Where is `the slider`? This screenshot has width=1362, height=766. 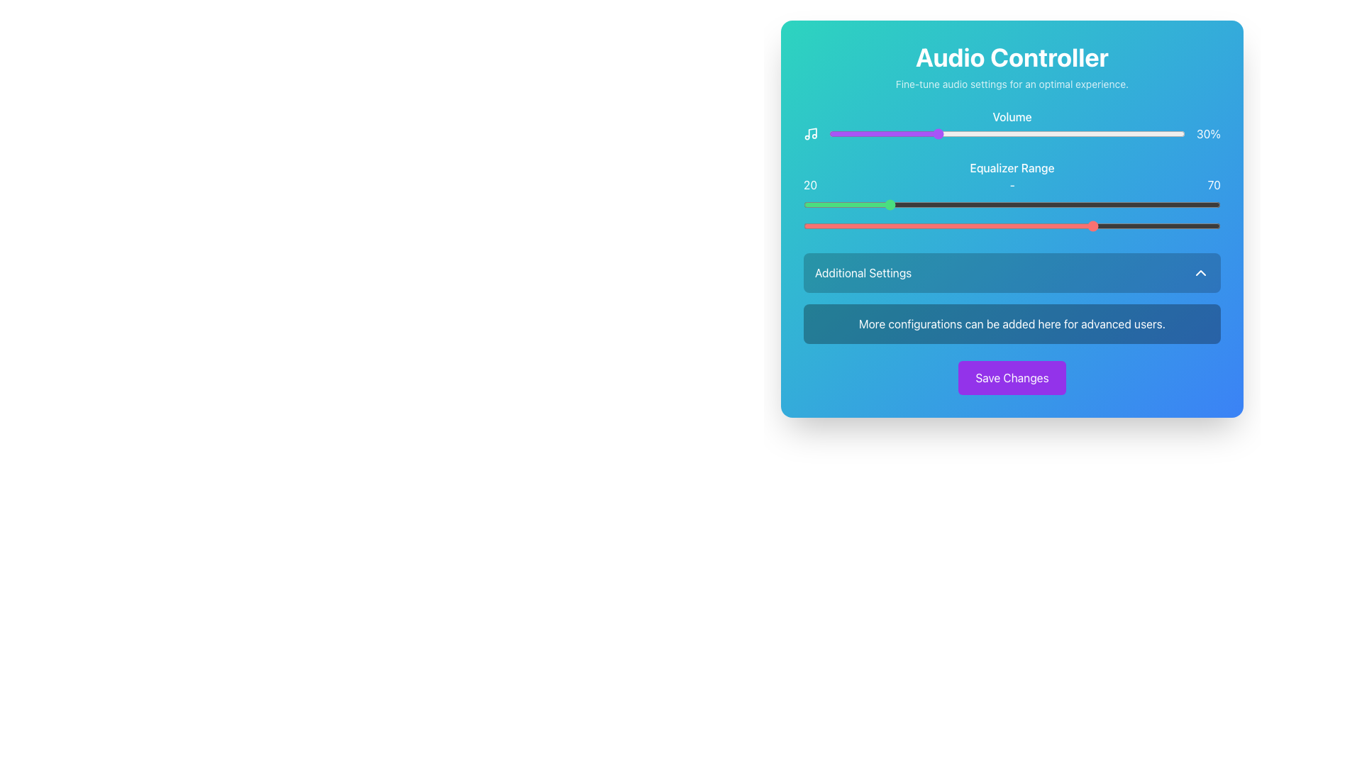
the slider is located at coordinates (871, 134).